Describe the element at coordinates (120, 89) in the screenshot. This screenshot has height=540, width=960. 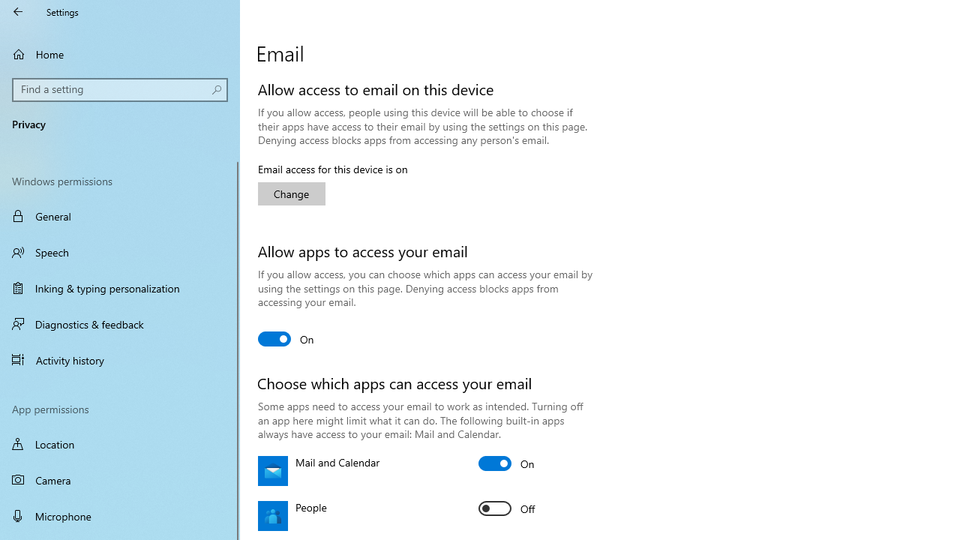
I see `'Search box, Find a setting'` at that location.